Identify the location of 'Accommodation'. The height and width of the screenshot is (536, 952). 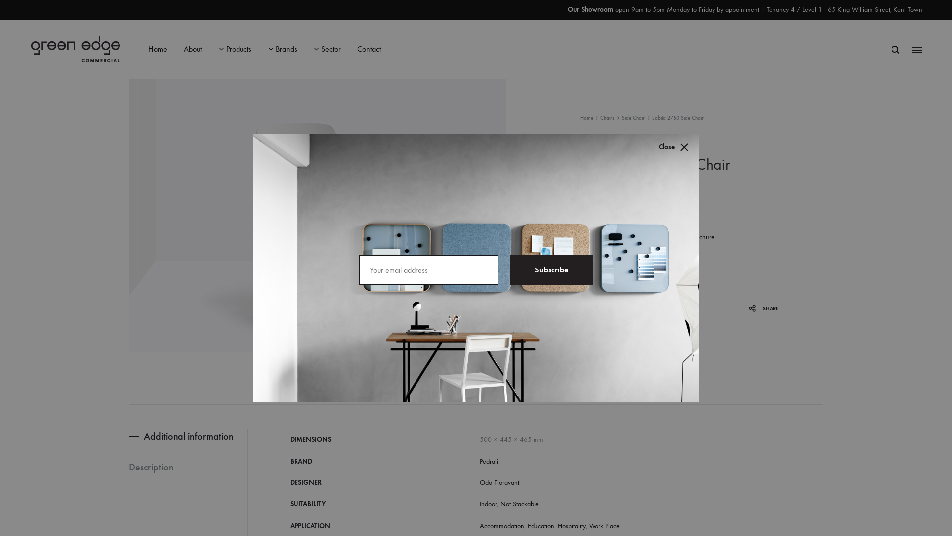
(502, 525).